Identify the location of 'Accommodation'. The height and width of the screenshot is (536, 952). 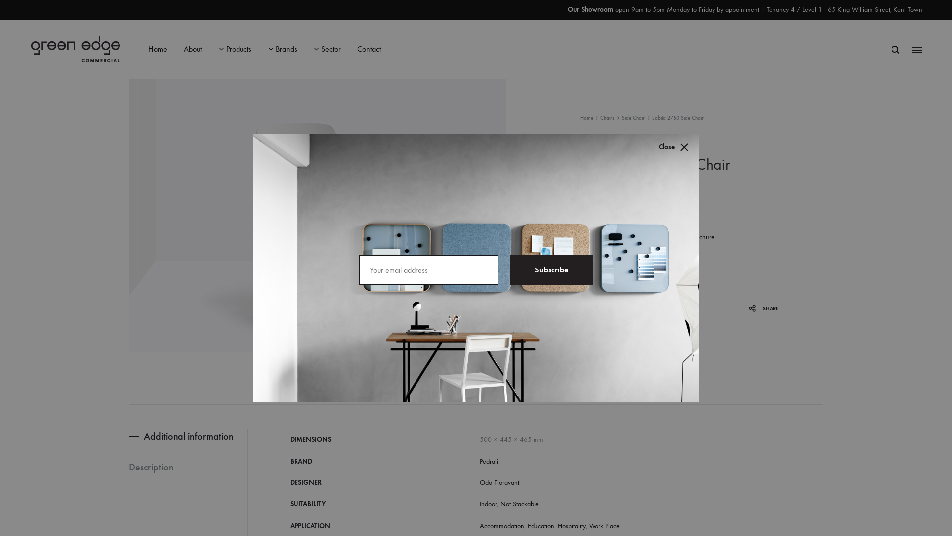
(502, 525).